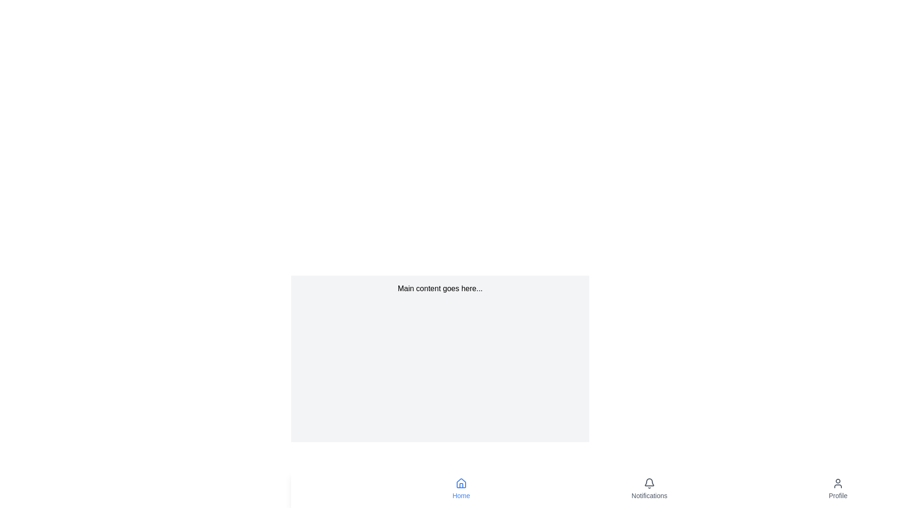  I want to click on the Notifications icon, so click(649, 484).